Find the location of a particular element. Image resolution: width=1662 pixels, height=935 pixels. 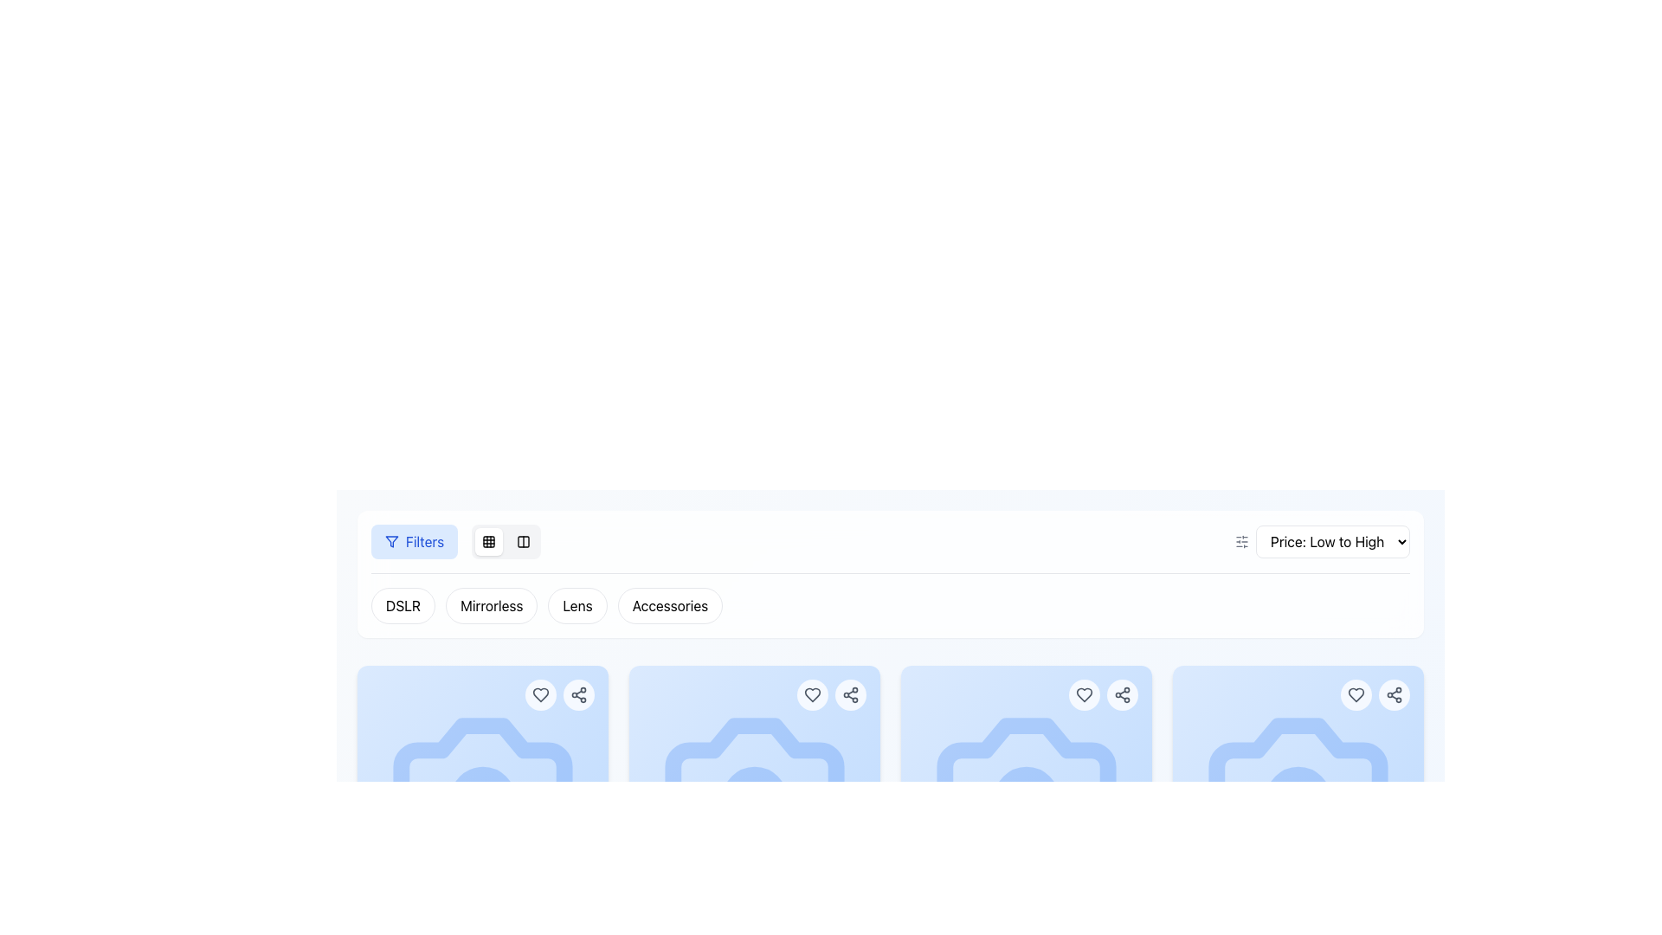

the share icon button located in the top-right corner of the image card is located at coordinates (578, 693).